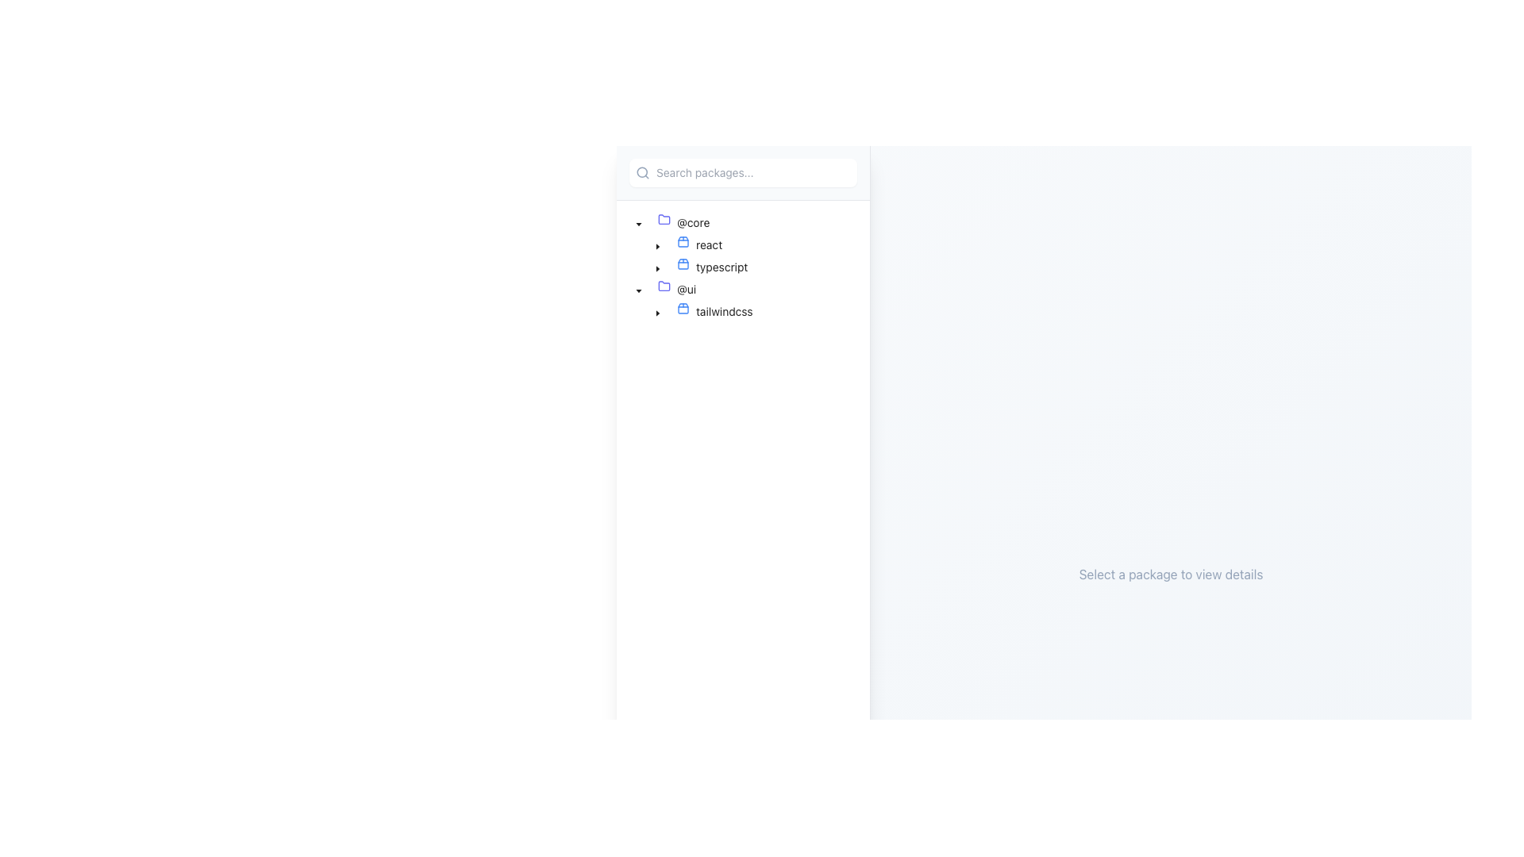 The image size is (1524, 857). What do you see at coordinates (683, 241) in the screenshot?
I see `the 'react' icon in the tree structure under the '@core' folder, which represents a package or component` at bounding box center [683, 241].